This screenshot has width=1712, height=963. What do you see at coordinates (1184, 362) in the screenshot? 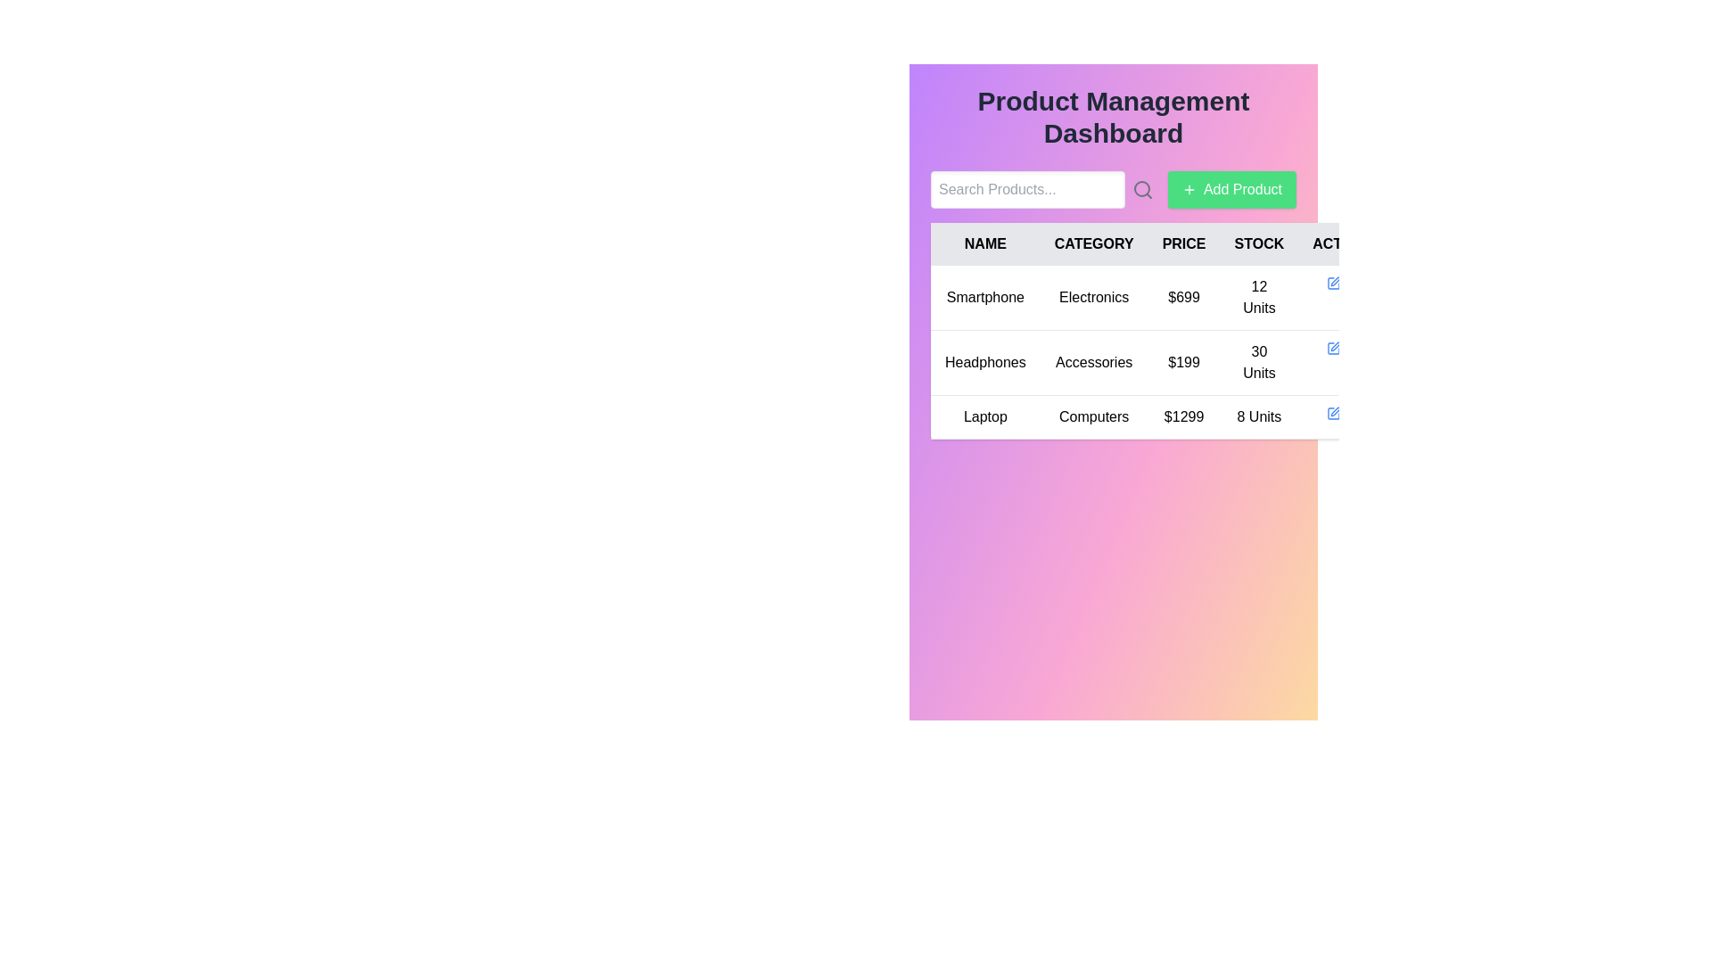
I see `the price information text display for the product 'Headphones' in the 'Accessories' category, which is the third item in the respective table row` at bounding box center [1184, 362].